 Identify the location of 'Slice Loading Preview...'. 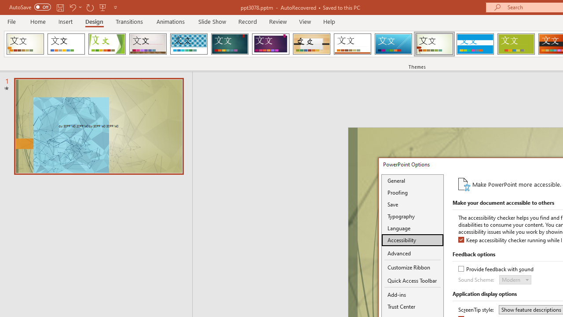
(393, 44).